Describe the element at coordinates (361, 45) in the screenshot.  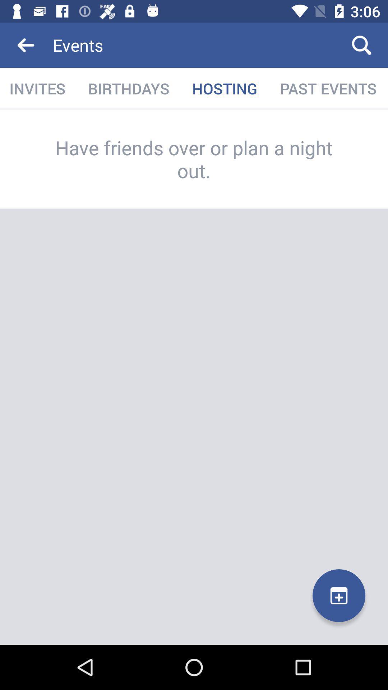
I see `item next to events item` at that location.